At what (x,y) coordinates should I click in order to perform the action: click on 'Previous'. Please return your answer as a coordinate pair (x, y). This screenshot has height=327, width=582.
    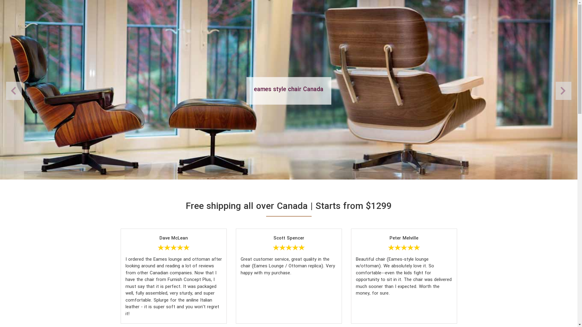
    Looking at the image, I should click on (563, 91).